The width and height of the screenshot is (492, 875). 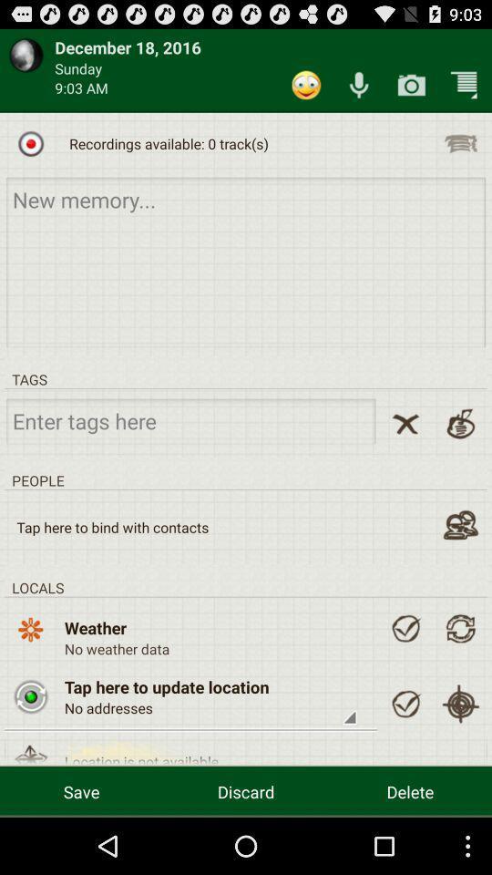 I want to click on weather setting option, so click(x=405, y=628).